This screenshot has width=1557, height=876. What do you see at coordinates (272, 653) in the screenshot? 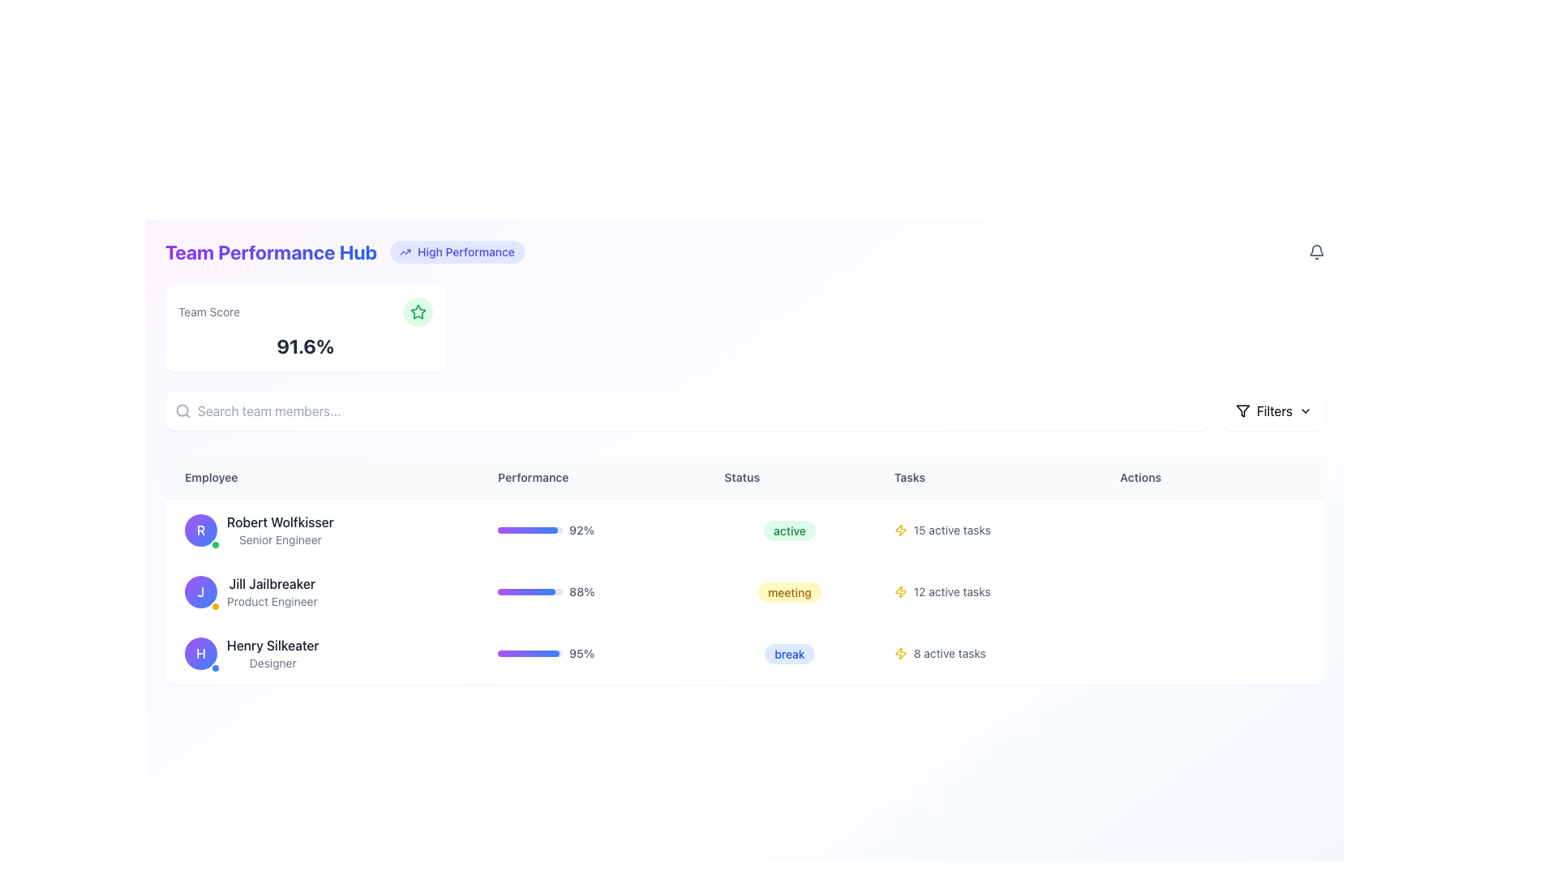
I see `the Text Display element showing the name and job title of the employee, located in the third row of the Employee column in a table, below Robert Wolfkisser and Jill Jailbreaker` at bounding box center [272, 653].